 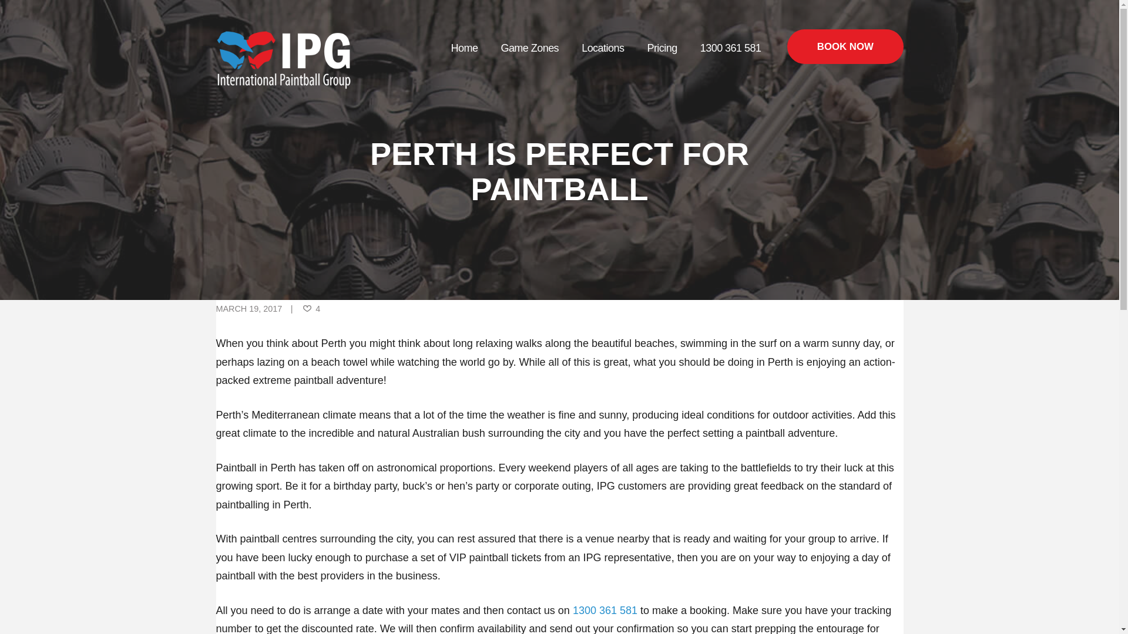 What do you see at coordinates (489, 48) in the screenshot?
I see `'Game Zones'` at bounding box center [489, 48].